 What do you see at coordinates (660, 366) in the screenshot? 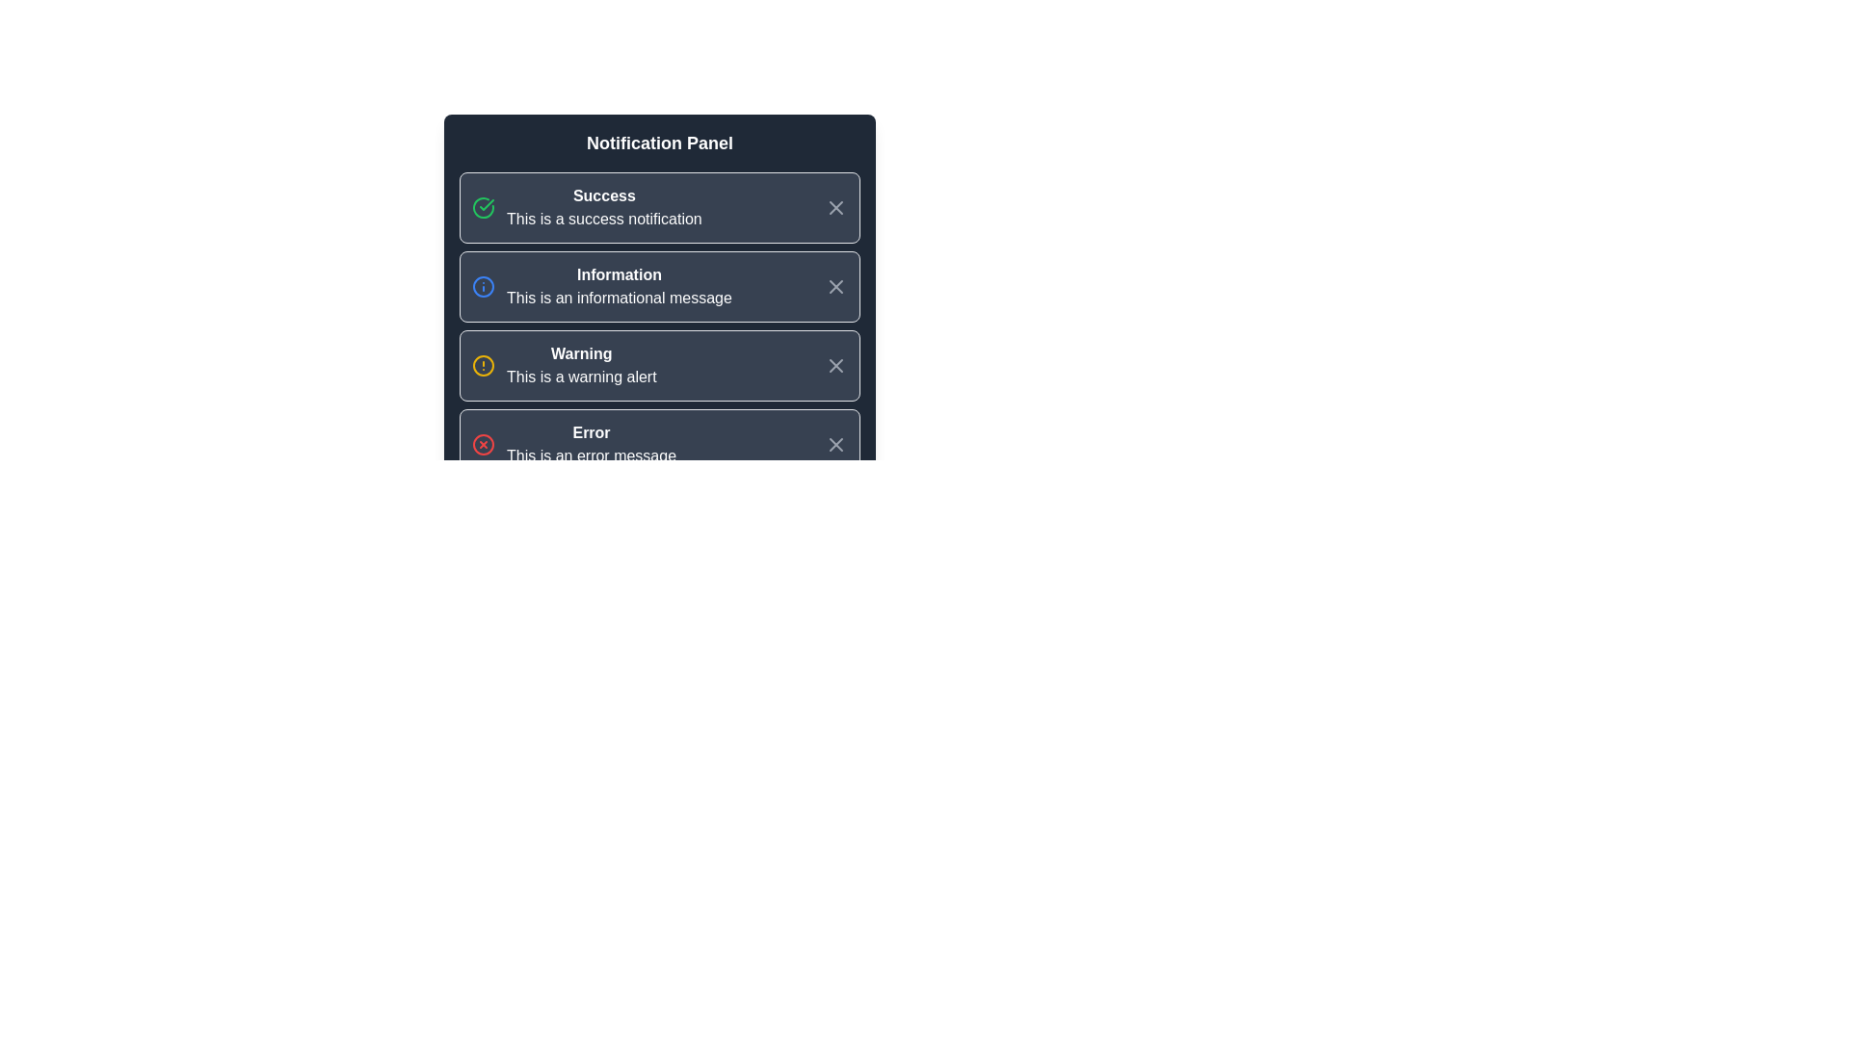
I see `the warning message by clicking the close button on the alert notification box, which is positioned third from the top in the notification panel` at bounding box center [660, 366].